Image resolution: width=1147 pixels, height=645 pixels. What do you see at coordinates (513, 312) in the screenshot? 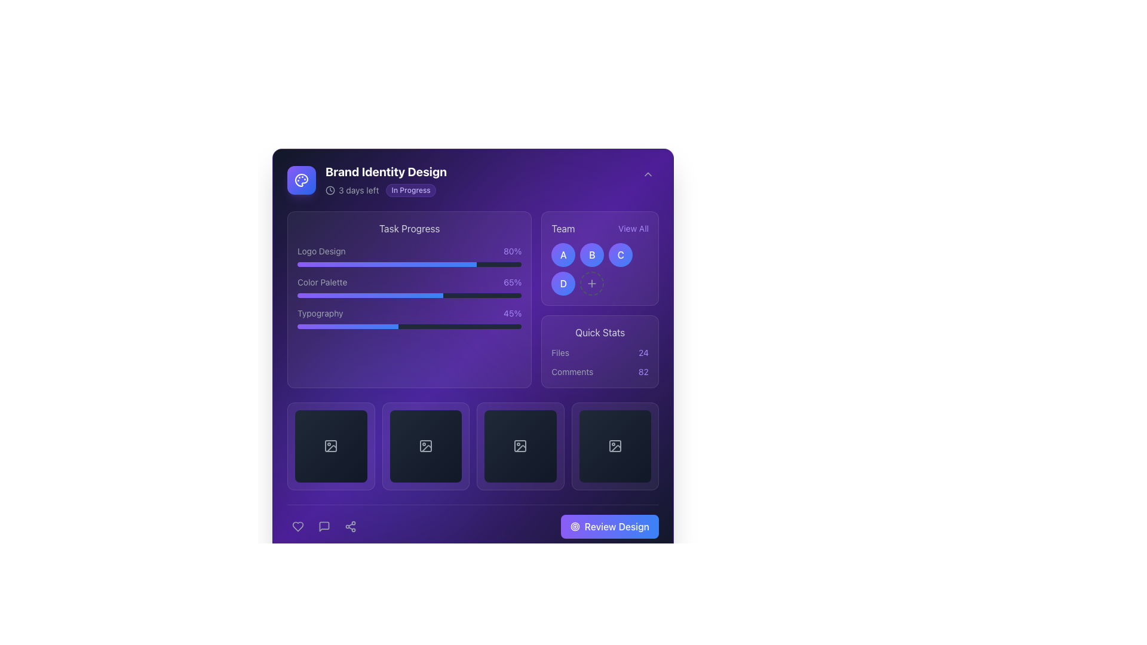
I see `the text label indicating the completion percentage for the 'Typography' task, which is located in the 'Task Progress' section and is the right-aligned text corresponding to the 'Typography' task` at bounding box center [513, 312].